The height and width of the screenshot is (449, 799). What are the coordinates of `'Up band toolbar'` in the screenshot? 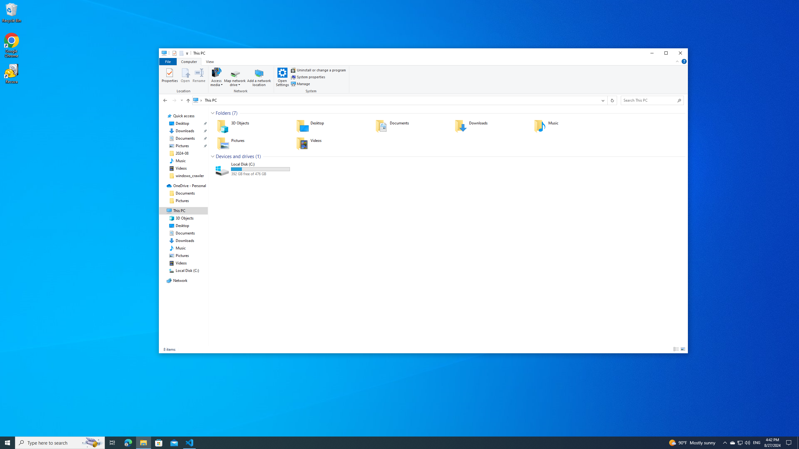 It's located at (188, 101).